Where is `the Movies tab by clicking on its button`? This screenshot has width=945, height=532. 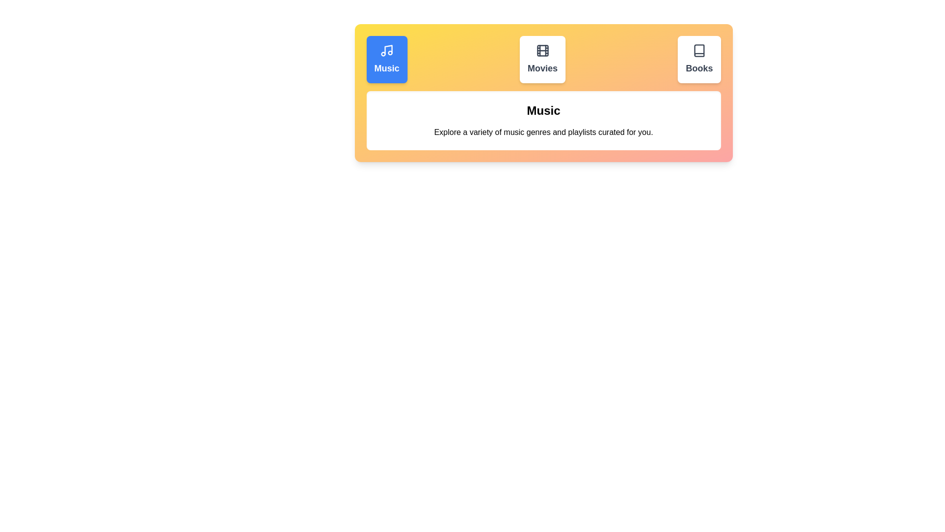
the Movies tab by clicking on its button is located at coordinates (542, 59).